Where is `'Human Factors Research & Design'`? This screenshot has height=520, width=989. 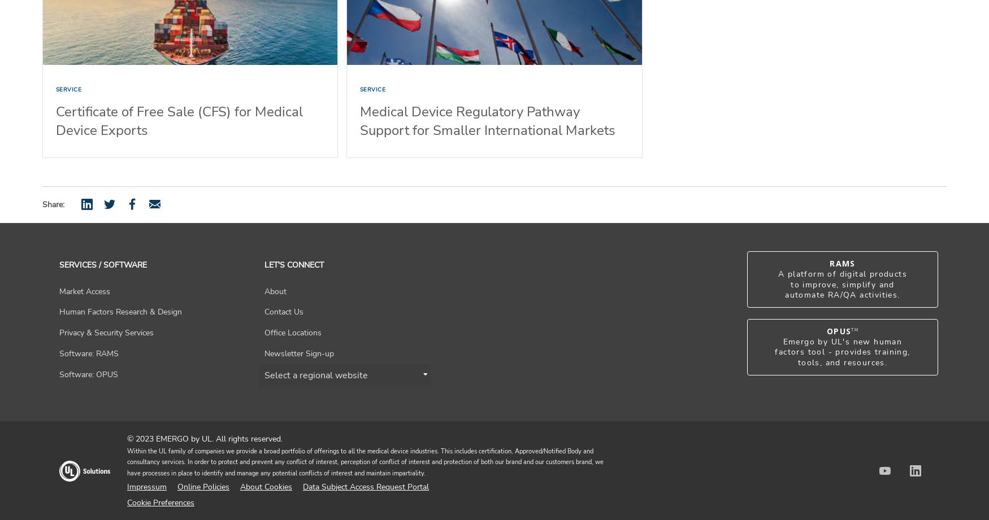
'Human Factors Research & Design' is located at coordinates (120, 311).